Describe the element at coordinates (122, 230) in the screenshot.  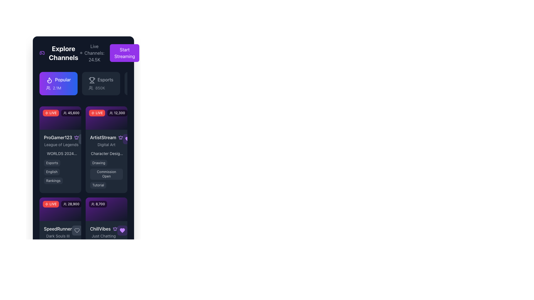
I see `the 'favorite' button with an embedded icon located at the bottom-right corner of the 'ChillVibes' card, adjacent to the text 'Just Chatting'` at that location.